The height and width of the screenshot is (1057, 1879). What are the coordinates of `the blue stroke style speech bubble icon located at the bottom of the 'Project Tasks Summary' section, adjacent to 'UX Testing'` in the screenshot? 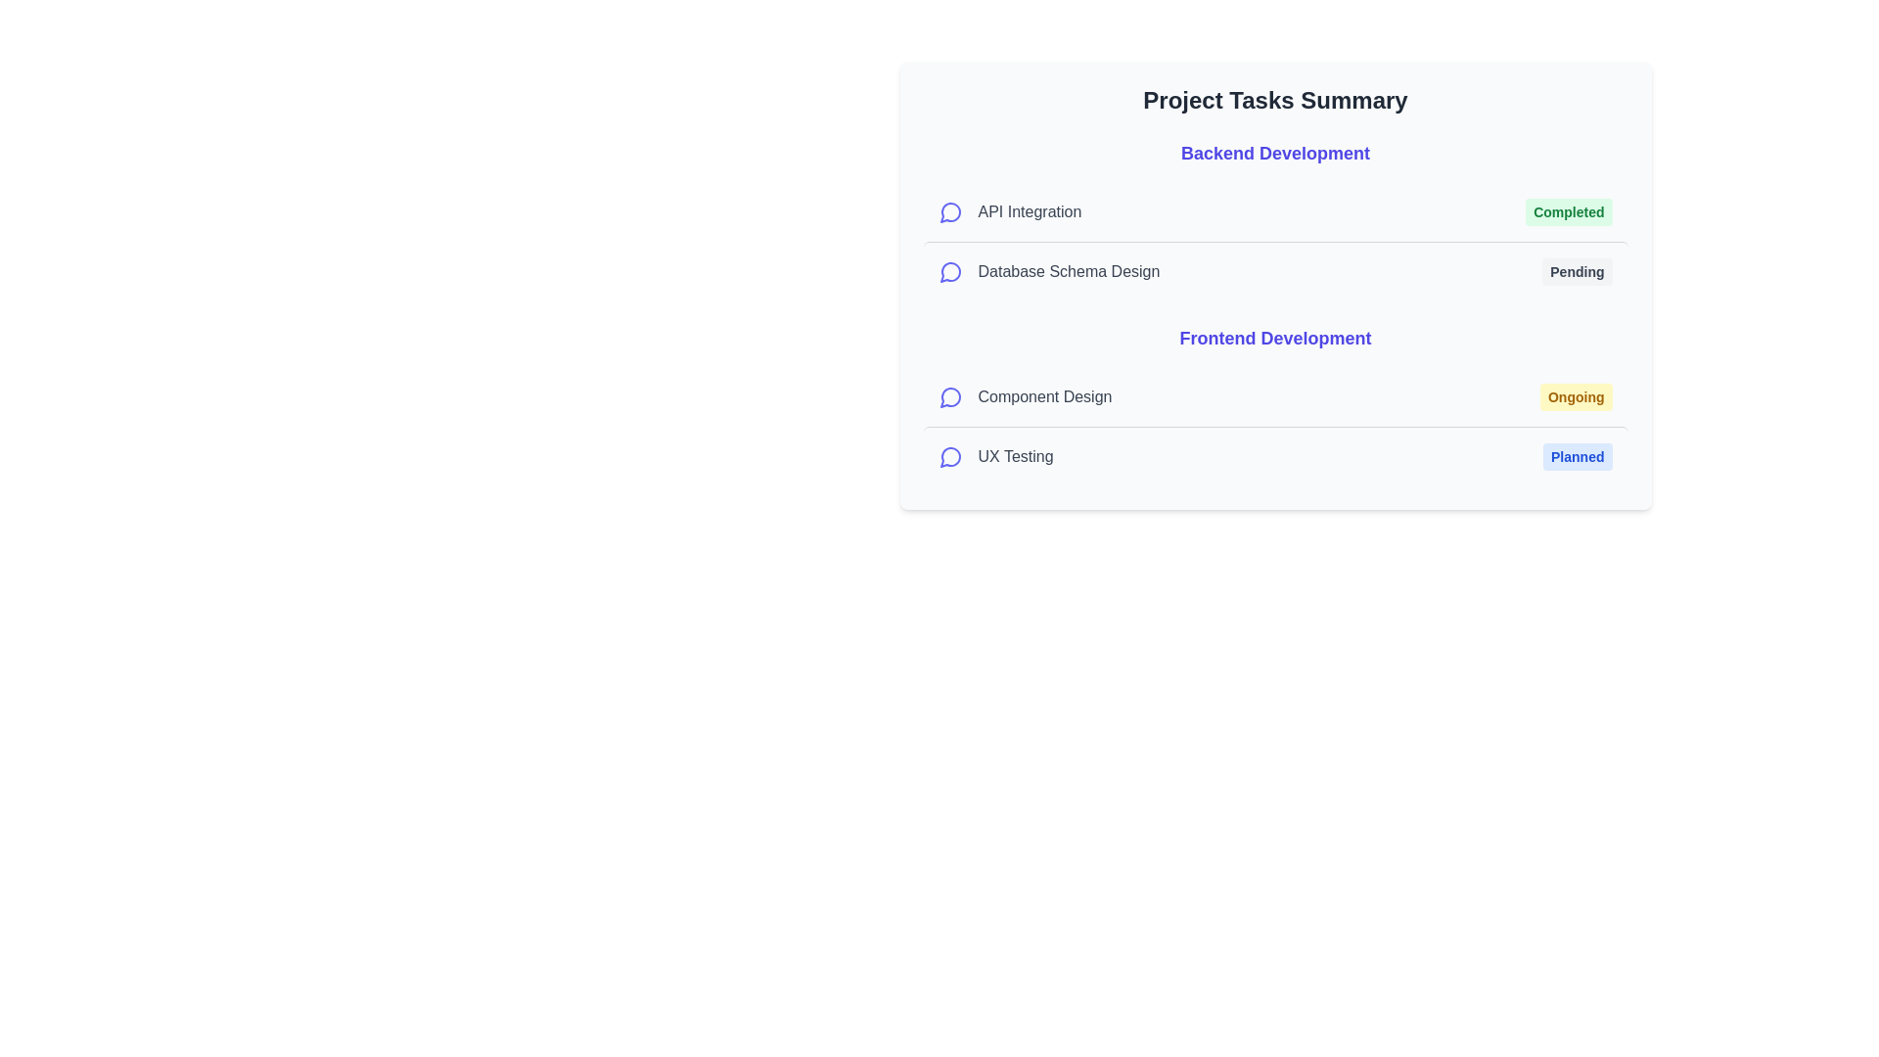 It's located at (949, 457).